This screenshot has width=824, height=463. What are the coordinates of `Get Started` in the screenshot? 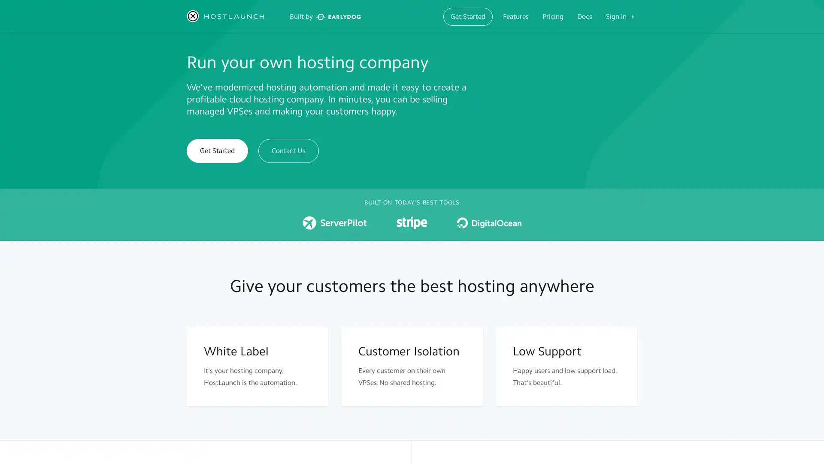 It's located at (467, 16).